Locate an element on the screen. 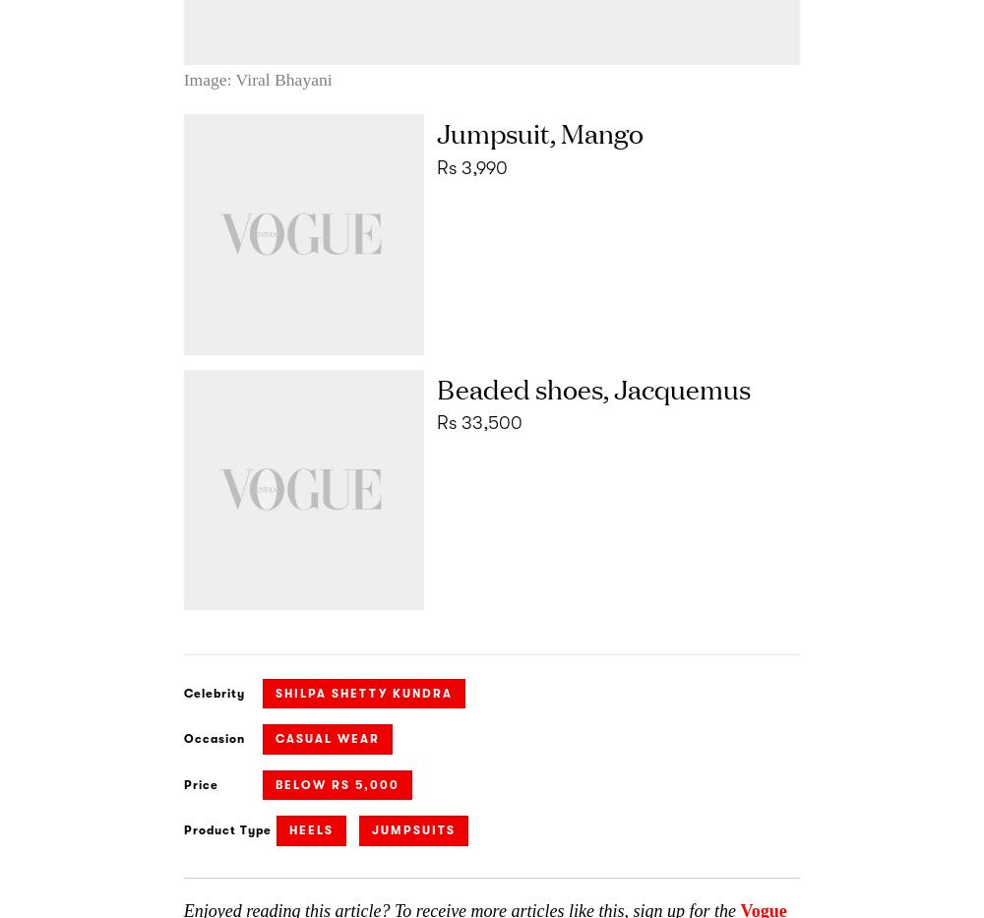 This screenshot has height=918, width=984. 'Below Rs 5,000' is located at coordinates (336, 783).